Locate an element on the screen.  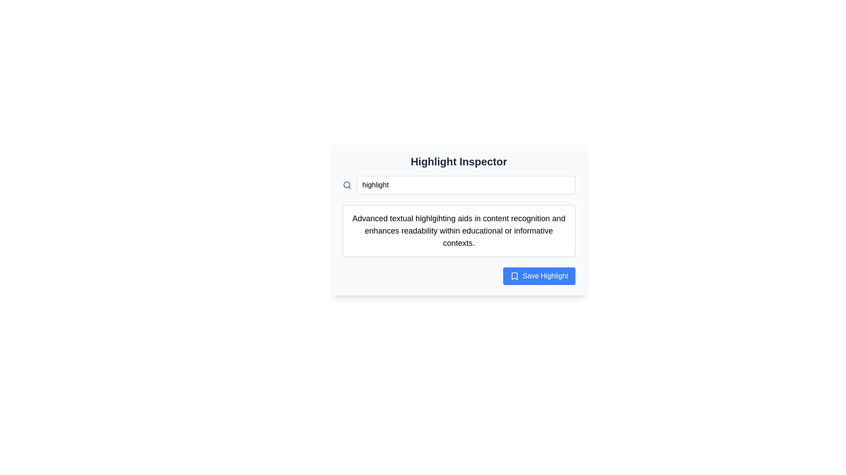
the magnifying glass icon used for search functionalities is located at coordinates (346, 184).